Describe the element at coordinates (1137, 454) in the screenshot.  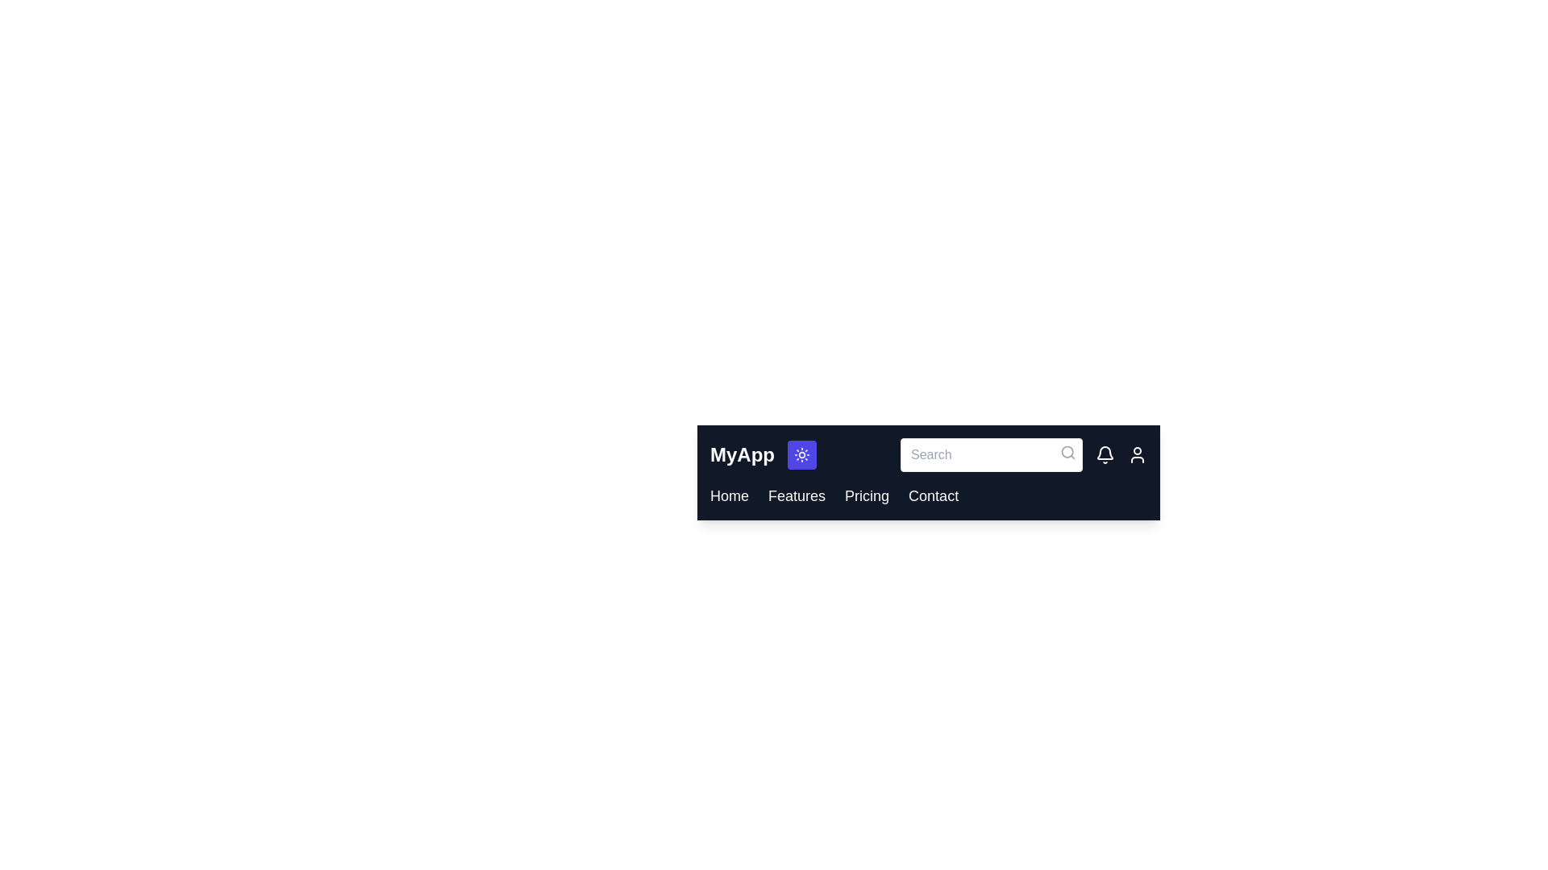
I see `the user icon in the CustomAppBar` at that location.